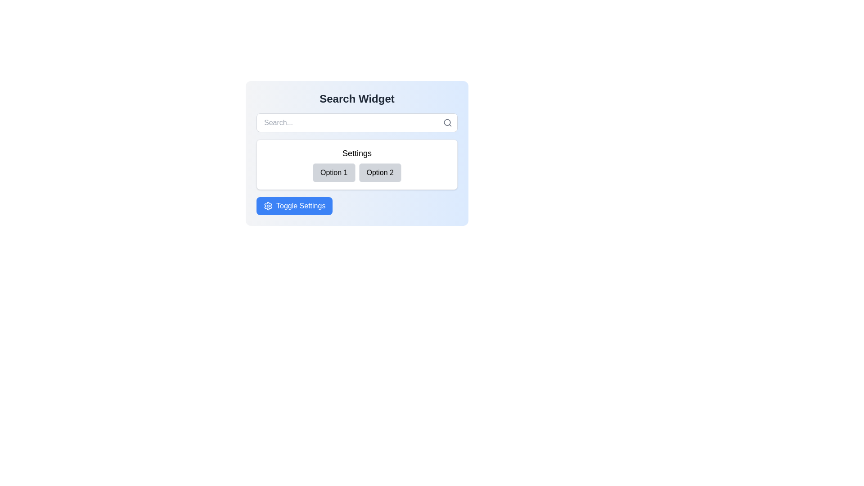  I want to click on the 'Toggle Settings' text label which is styled with white text on a blue background, located at the bottom-left of the interface adjacent to a settings icon, so click(301, 206).